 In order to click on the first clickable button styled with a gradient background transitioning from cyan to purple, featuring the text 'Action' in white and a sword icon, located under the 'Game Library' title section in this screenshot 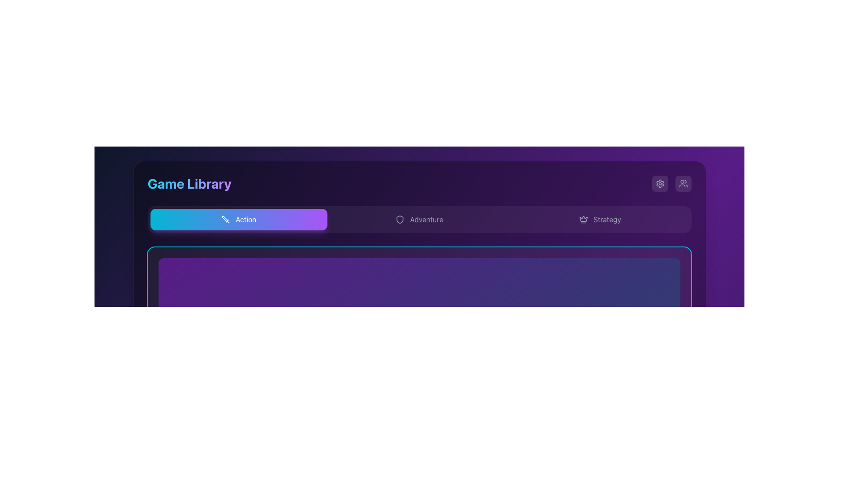, I will do `click(239, 219)`.